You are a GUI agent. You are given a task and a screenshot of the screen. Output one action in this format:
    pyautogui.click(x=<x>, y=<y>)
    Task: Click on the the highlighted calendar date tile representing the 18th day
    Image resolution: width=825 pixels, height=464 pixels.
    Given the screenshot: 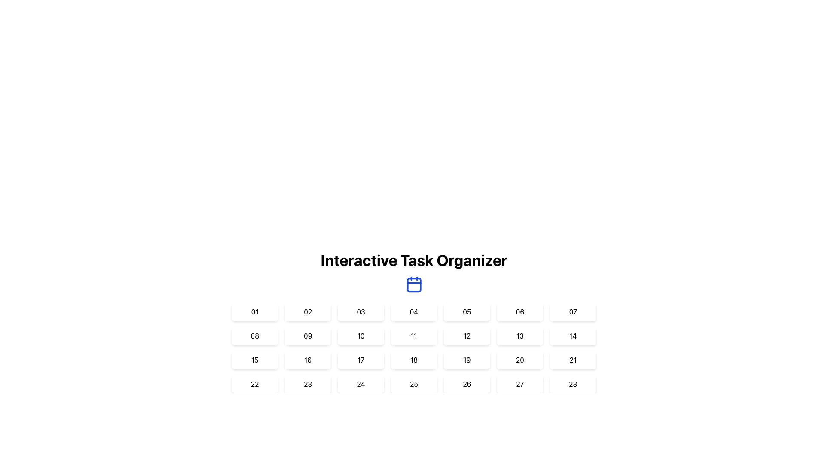 What is the action you would take?
    pyautogui.click(x=414, y=360)
    